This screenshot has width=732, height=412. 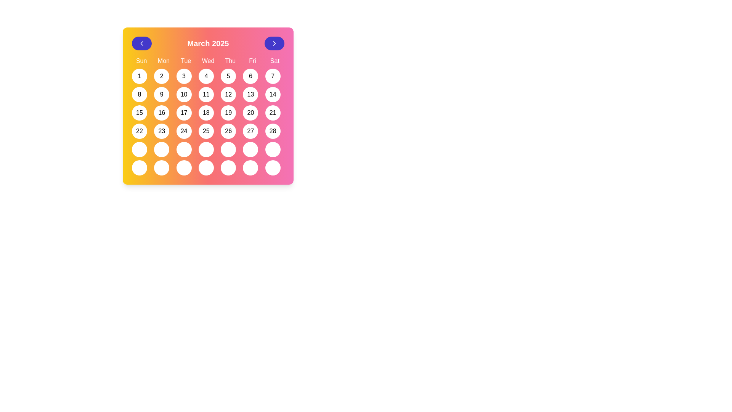 What do you see at coordinates (142, 43) in the screenshot?
I see `the button located to the left of the 'March 2025' text in the header section of the calendar interface` at bounding box center [142, 43].